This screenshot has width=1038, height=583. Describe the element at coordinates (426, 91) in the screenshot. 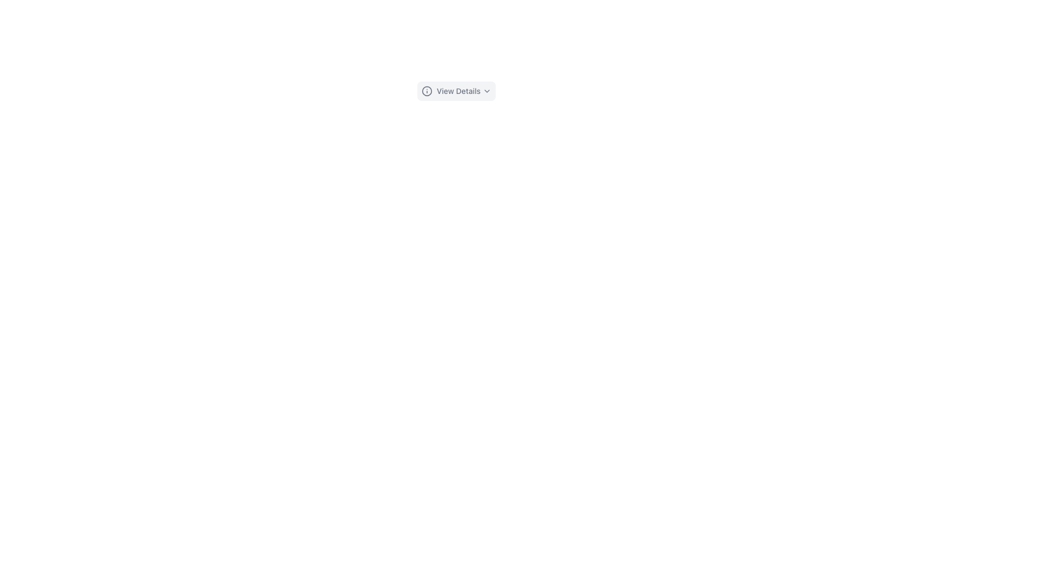

I see `the information icon, which is a hollow circle enclosing an uppercase 'i' symbol, located to the left of the 'View Details' text` at that location.